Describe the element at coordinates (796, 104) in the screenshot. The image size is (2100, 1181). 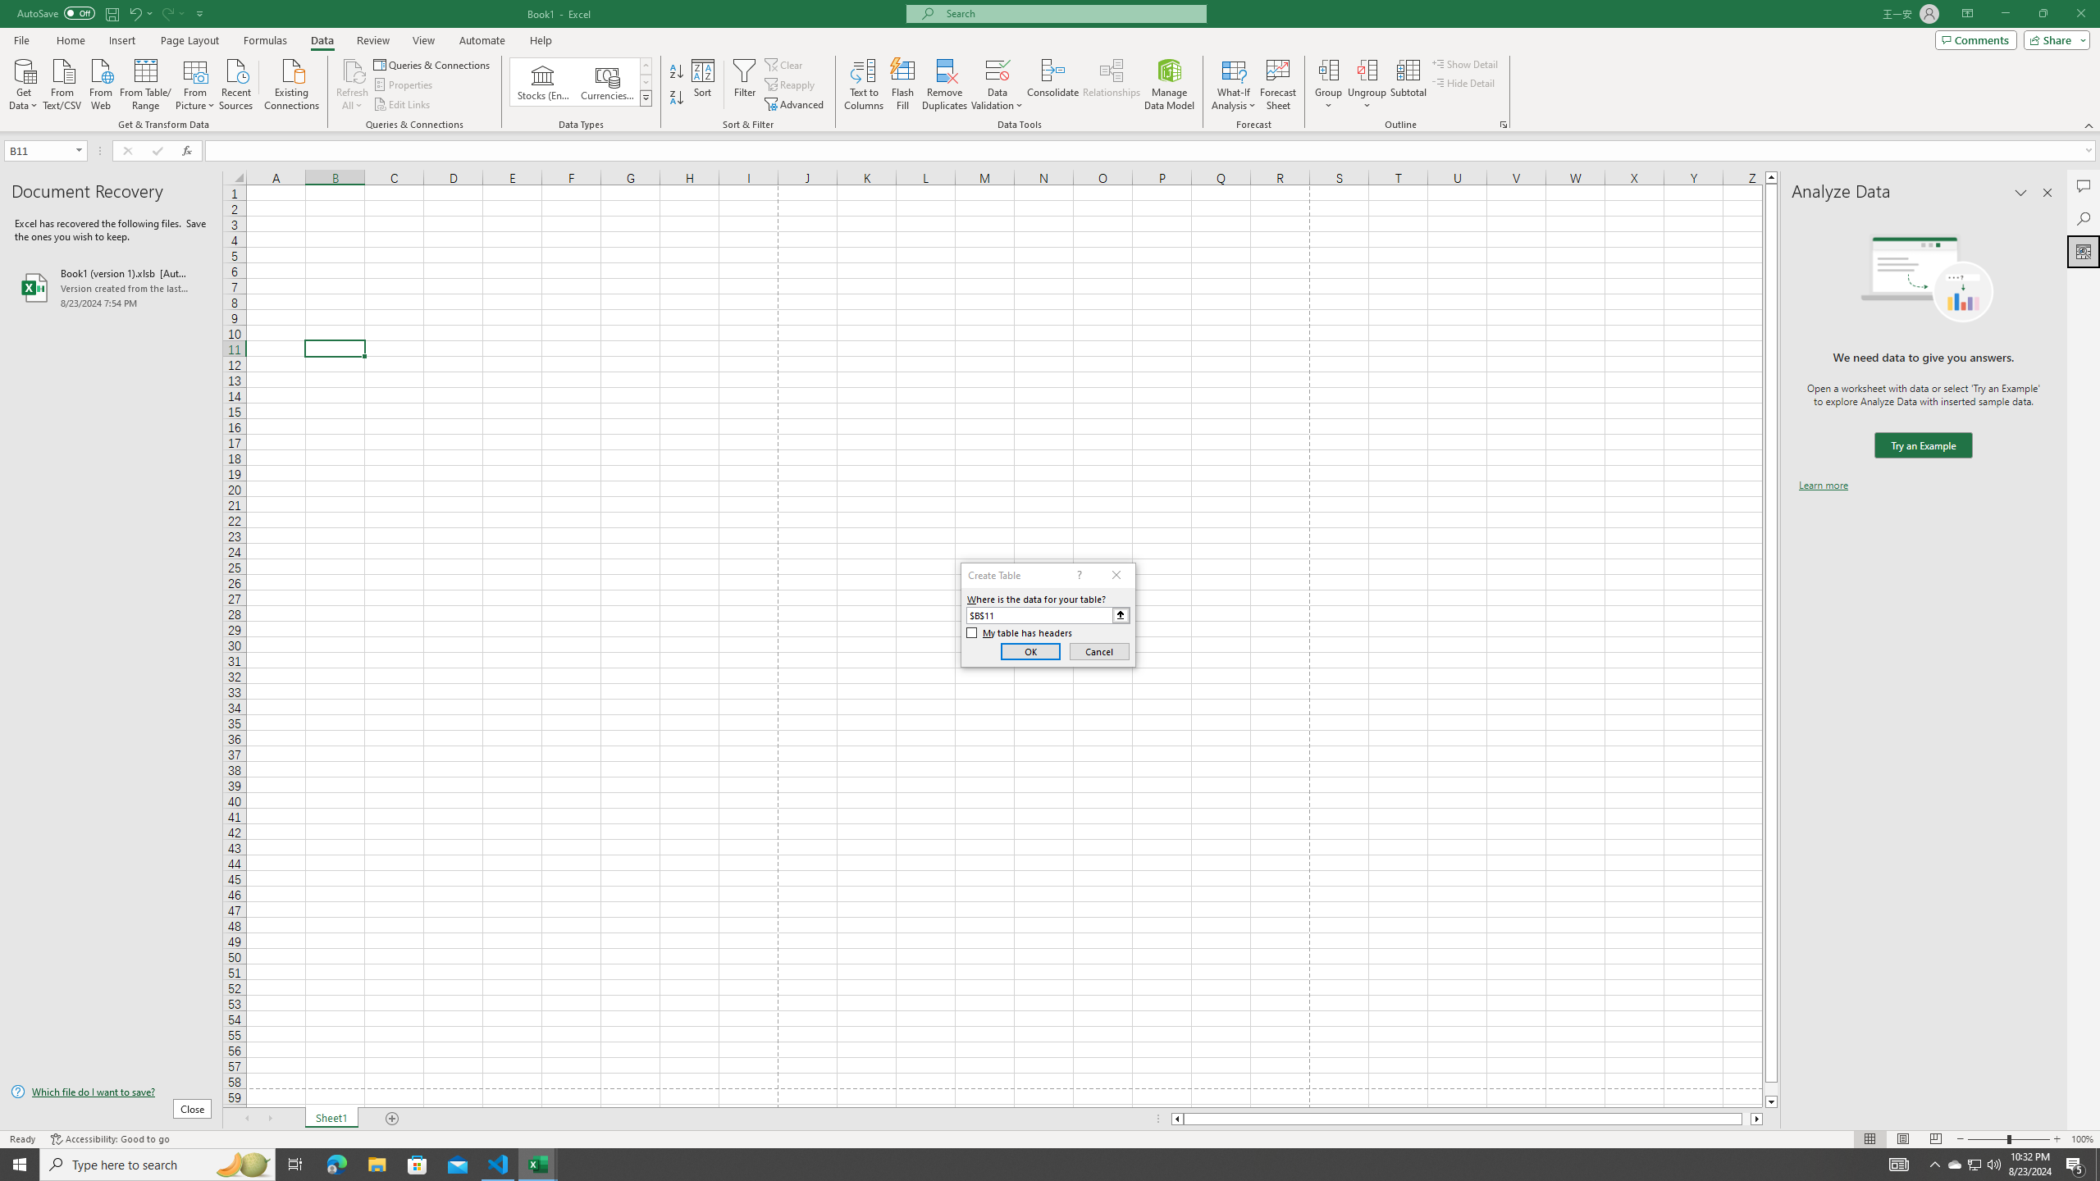
I see `'Advanced...'` at that location.